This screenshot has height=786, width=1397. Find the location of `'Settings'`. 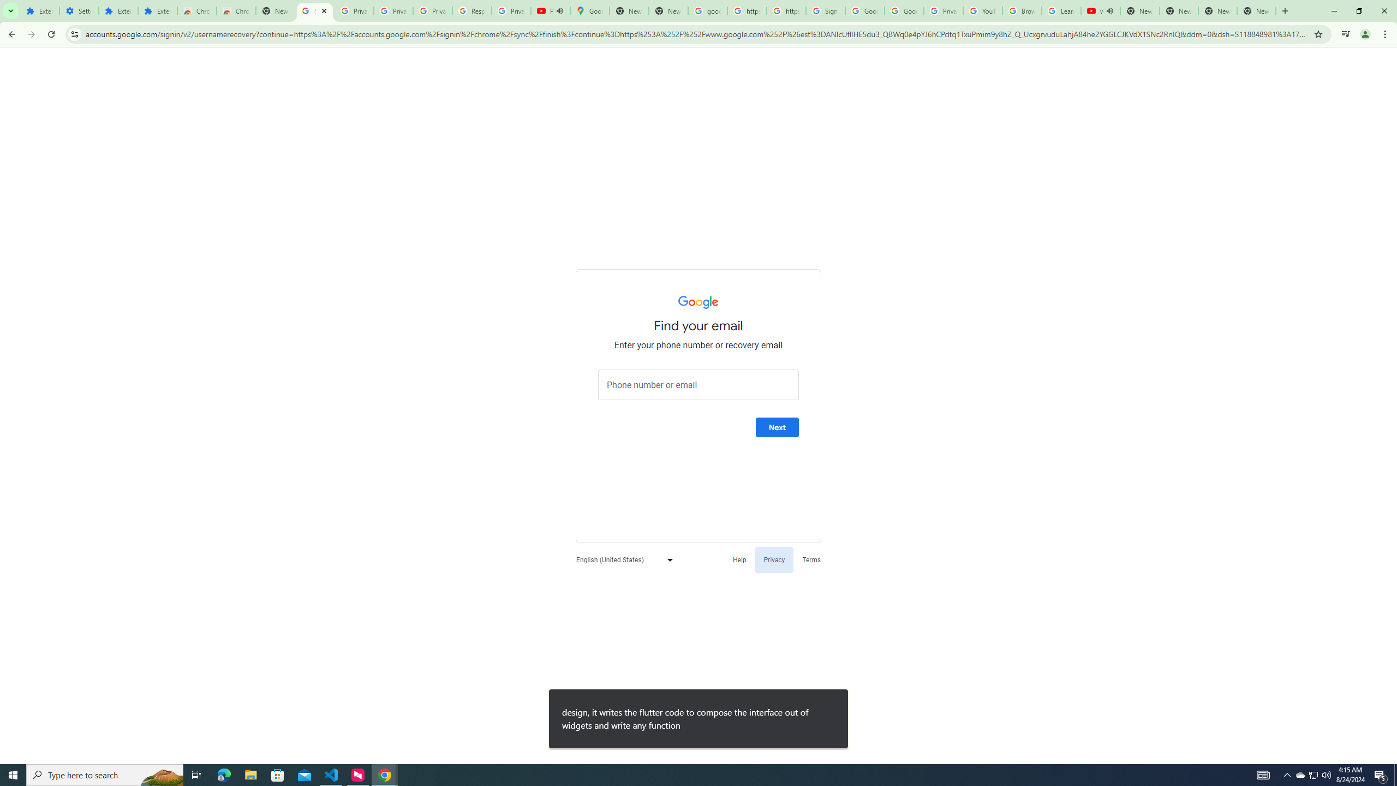

'Settings' is located at coordinates (78, 10).